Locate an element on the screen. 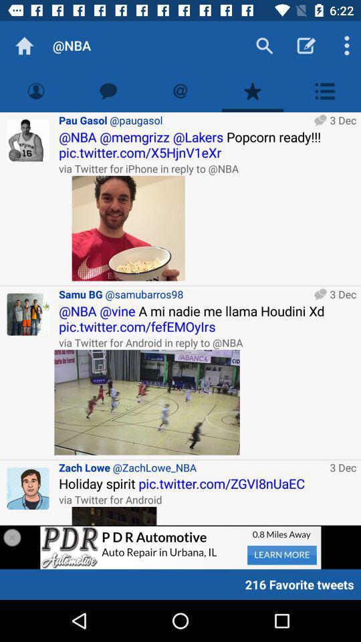 Image resolution: width=361 pixels, height=642 pixels. icon above the via twitter for icon is located at coordinates (207, 144).